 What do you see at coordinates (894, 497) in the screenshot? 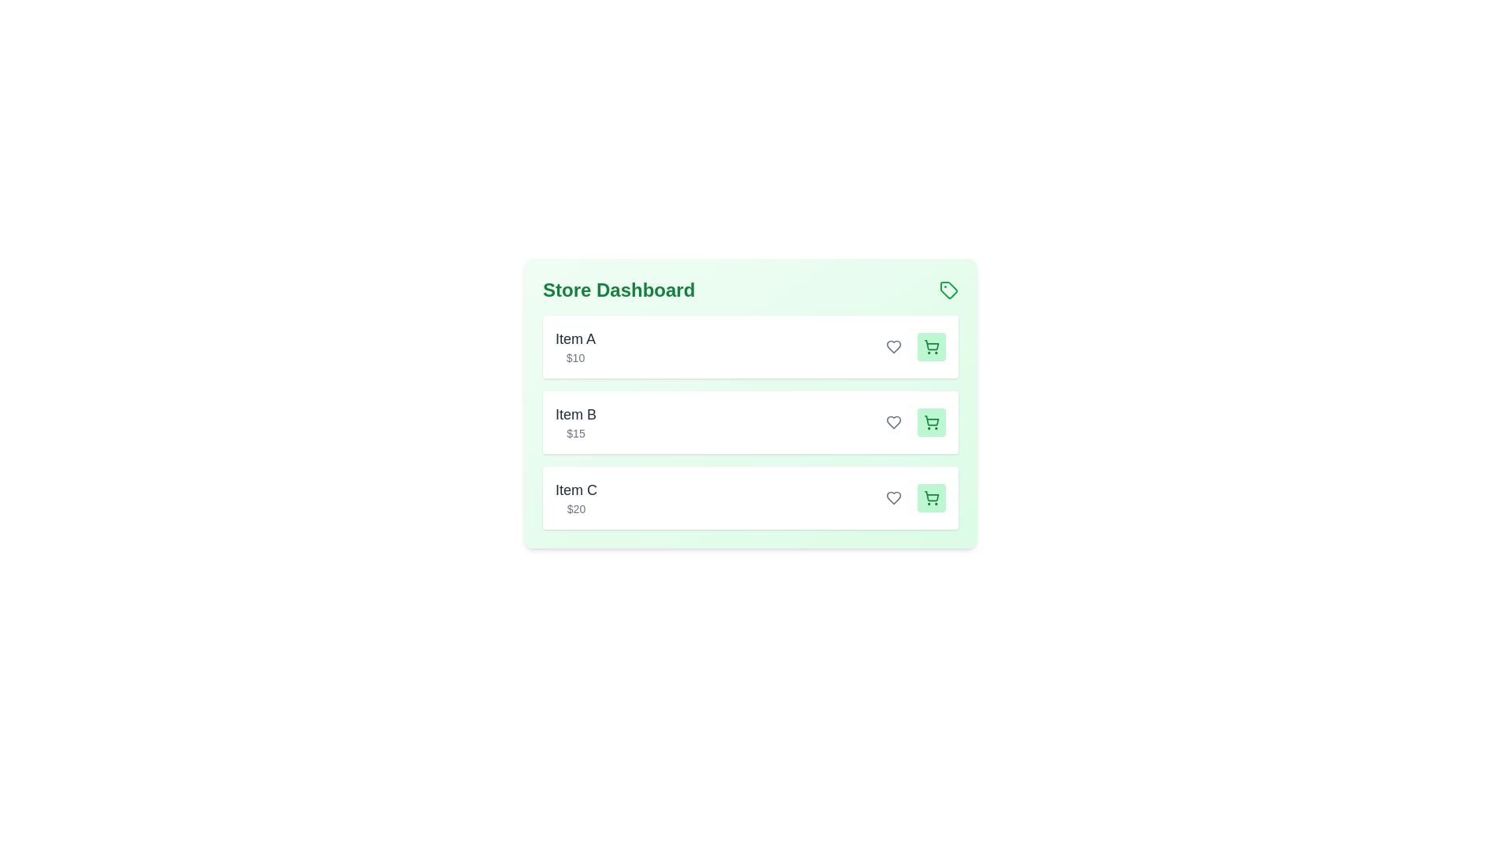
I see `the button for liking or favoriting 'Item C' in the Store Dashboard` at bounding box center [894, 497].